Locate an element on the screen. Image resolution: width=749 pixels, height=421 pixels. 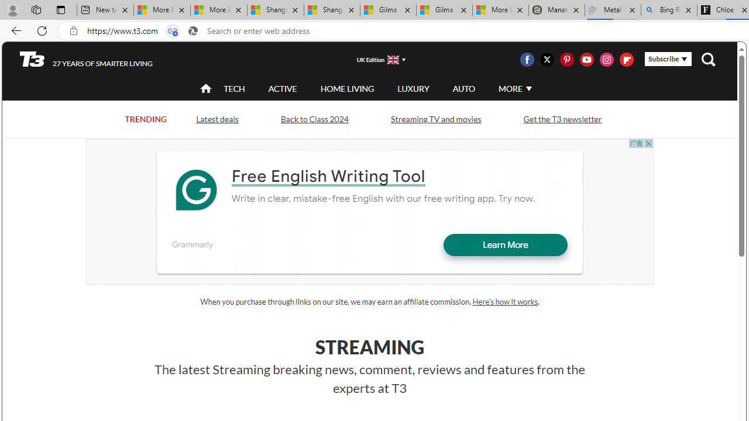
'Class: navigation__item' is located at coordinates (205, 88).